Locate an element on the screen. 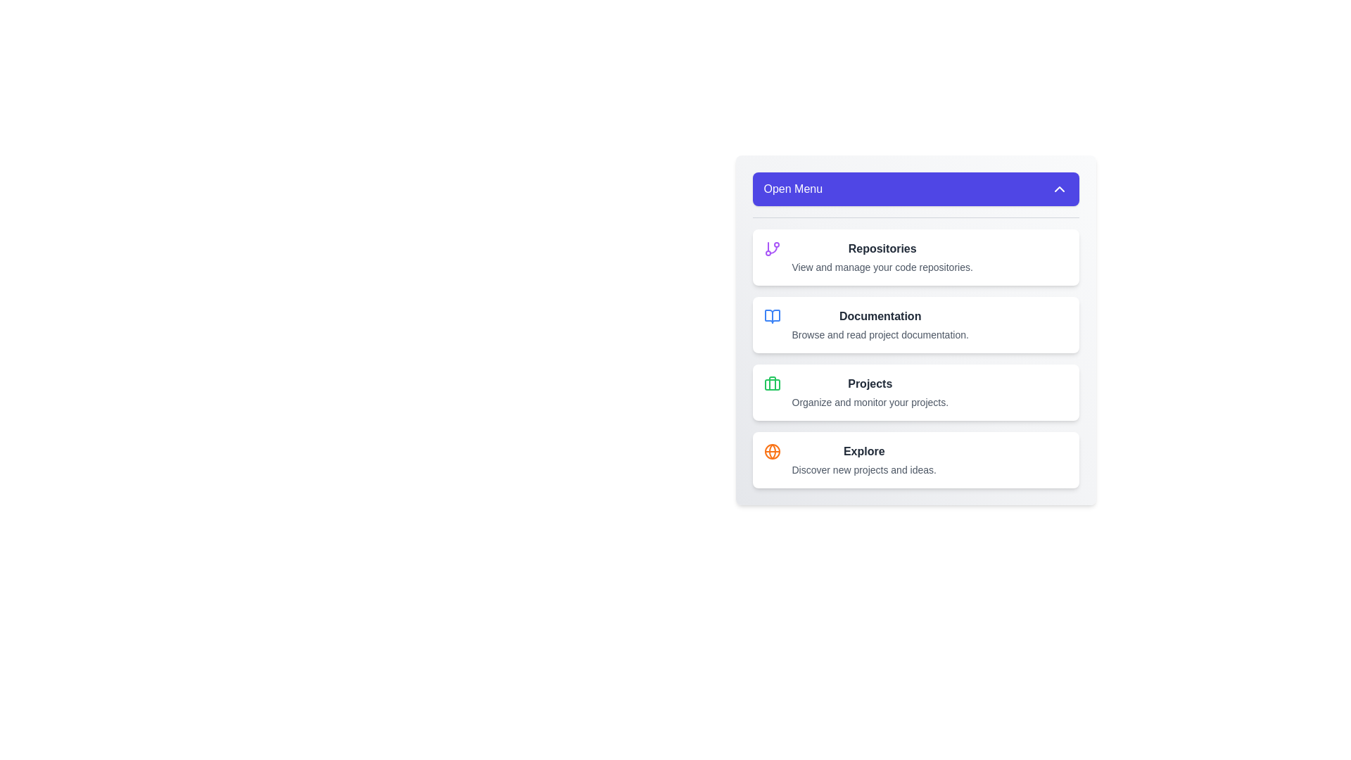 This screenshot has width=1351, height=760. the lower part of the open book icon, which is styled predominantly in blue and located in the Documentation section, for interaction if linked is located at coordinates (771, 317).